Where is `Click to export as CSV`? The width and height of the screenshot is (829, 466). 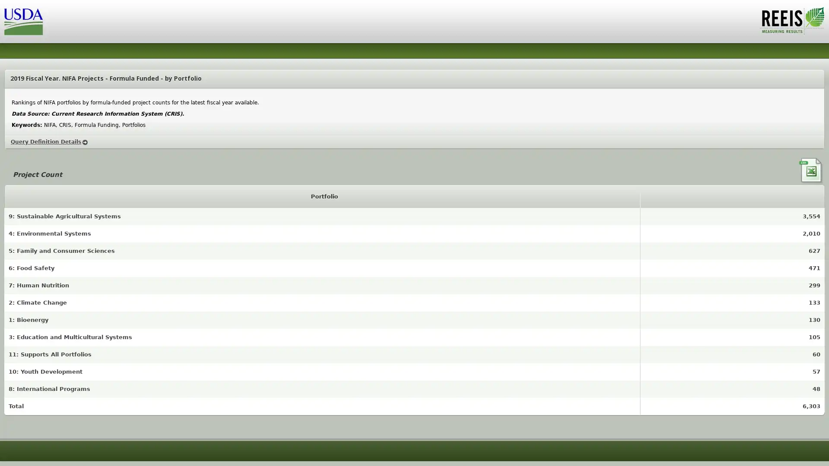 Click to export as CSV is located at coordinates (811, 171).